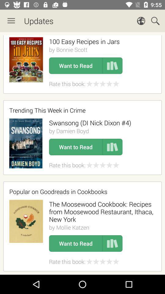 This screenshot has height=294, width=165. What do you see at coordinates (84, 41) in the screenshot?
I see `100 easy recipes` at bounding box center [84, 41].